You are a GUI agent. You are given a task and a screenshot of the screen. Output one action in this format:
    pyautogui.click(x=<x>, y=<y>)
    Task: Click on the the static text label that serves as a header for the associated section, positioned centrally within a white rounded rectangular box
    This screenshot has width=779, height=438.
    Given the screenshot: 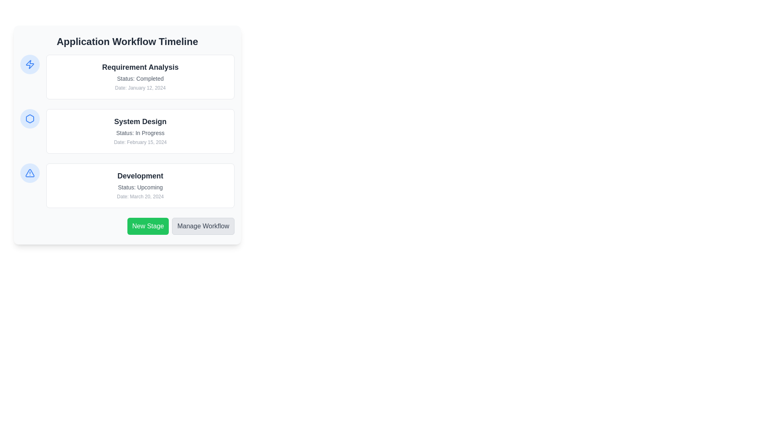 What is the action you would take?
    pyautogui.click(x=140, y=176)
    